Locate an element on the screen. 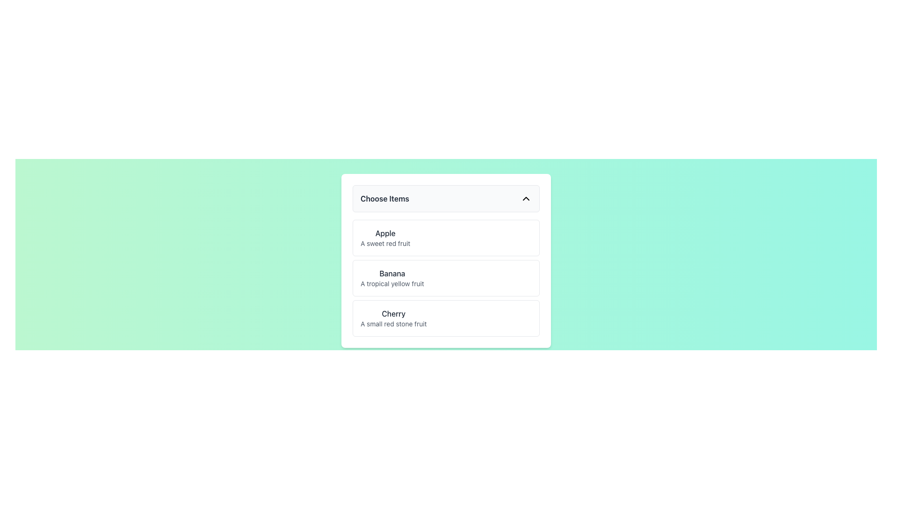 The height and width of the screenshot is (505, 898). the selectable list item displaying 'Banana' is located at coordinates (446, 261).